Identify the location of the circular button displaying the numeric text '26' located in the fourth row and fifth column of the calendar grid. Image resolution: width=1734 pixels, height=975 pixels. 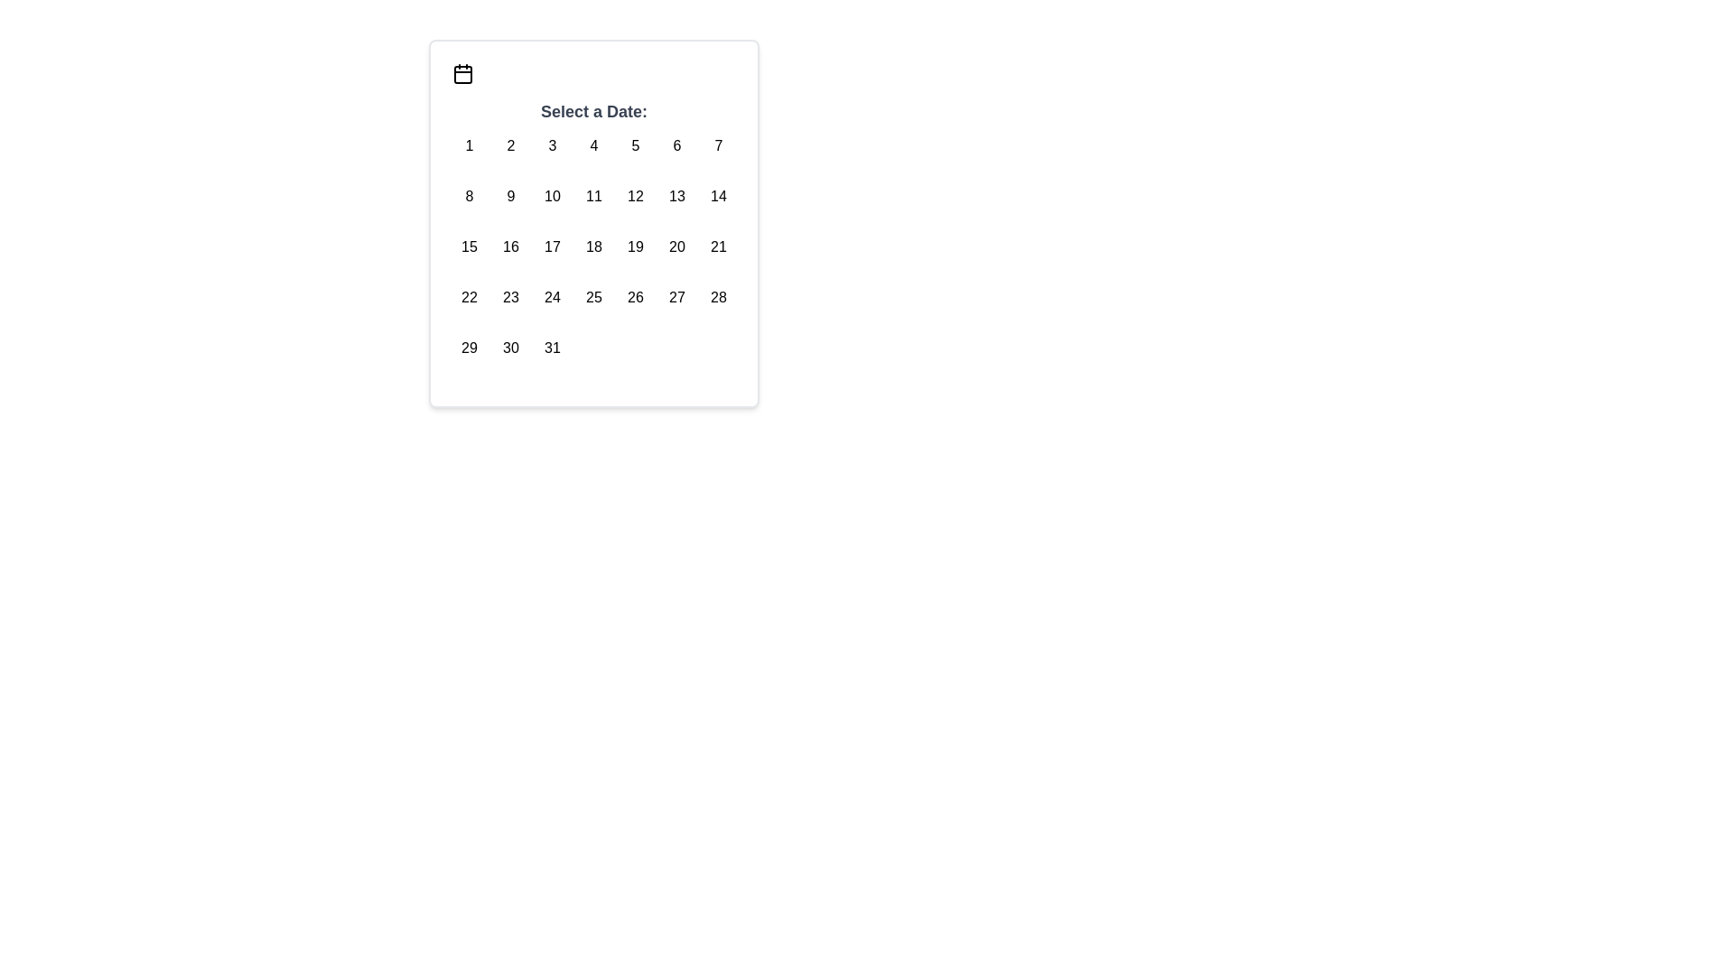
(636, 297).